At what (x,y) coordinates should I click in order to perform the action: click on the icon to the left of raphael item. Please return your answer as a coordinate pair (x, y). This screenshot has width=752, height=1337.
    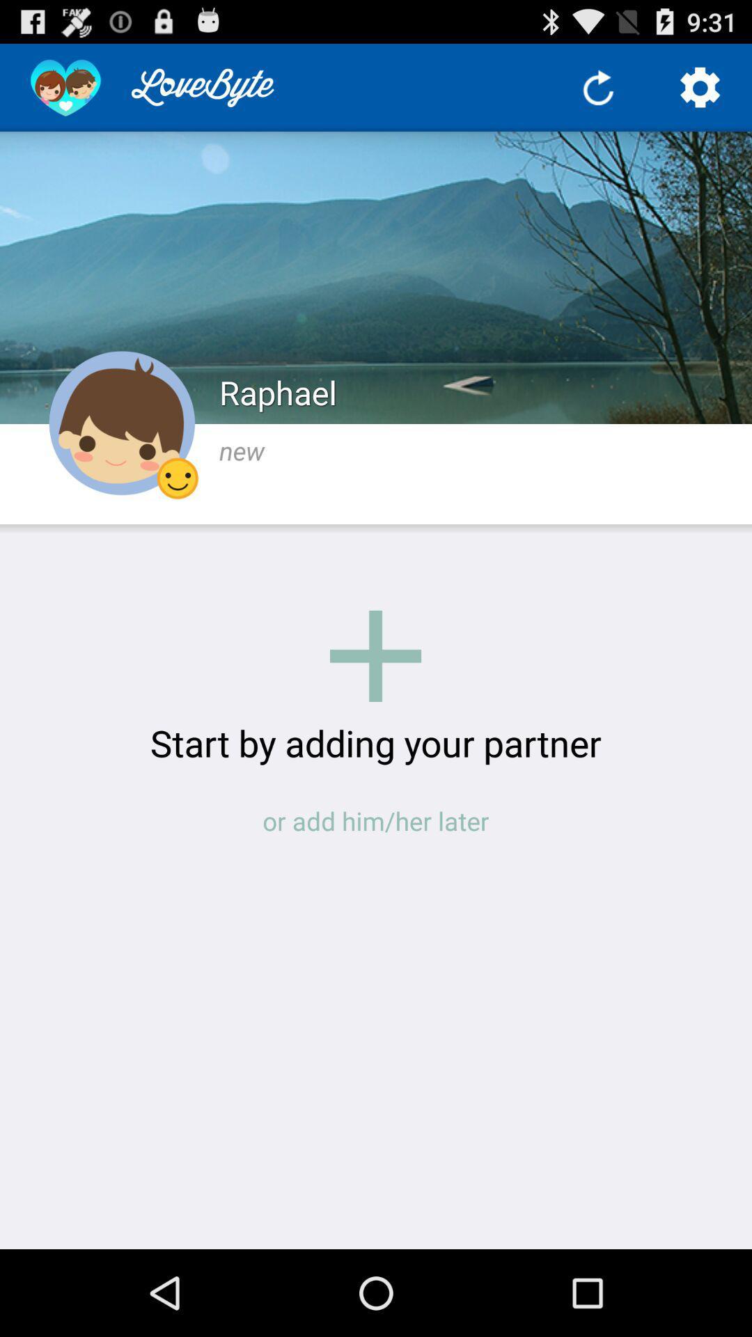
    Looking at the image, I should click on (121, 423).